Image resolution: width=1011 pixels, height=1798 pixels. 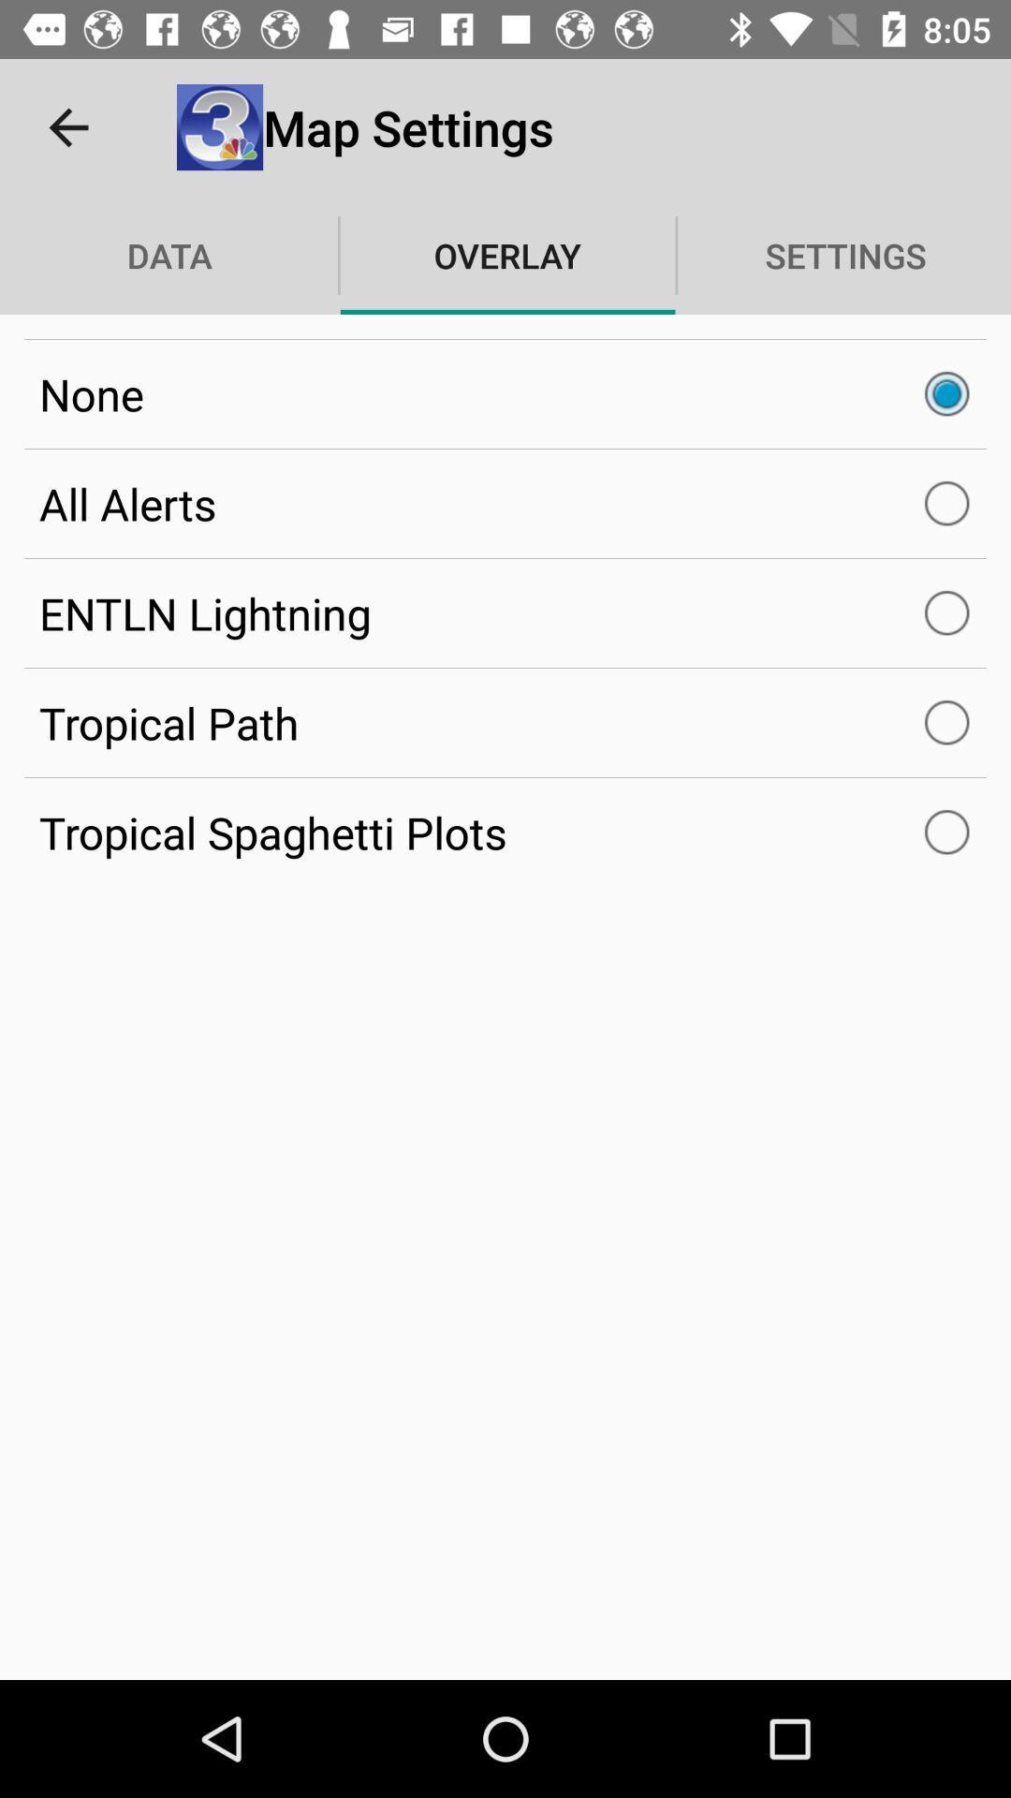 I want to click on all alerts item, so click(x=505, y=504).